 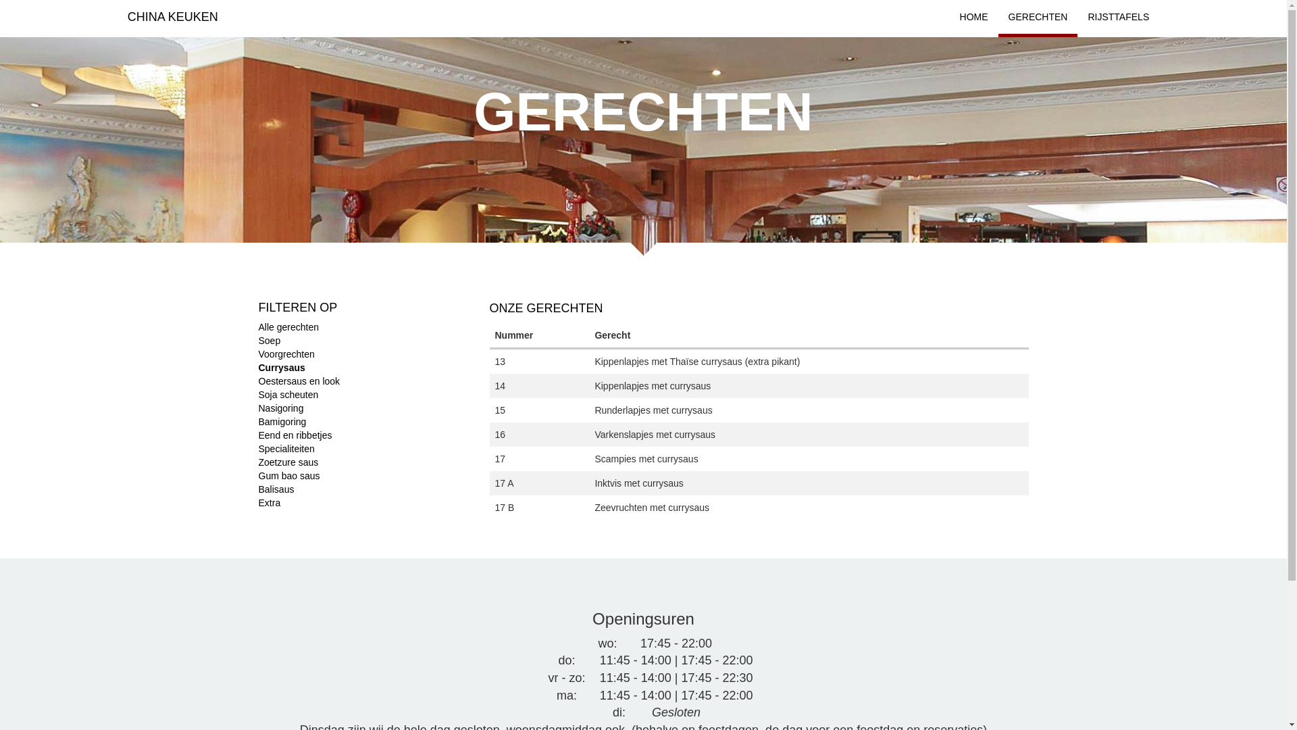 I want to click on 'Alle gerechten', so click(x=288, y=326).